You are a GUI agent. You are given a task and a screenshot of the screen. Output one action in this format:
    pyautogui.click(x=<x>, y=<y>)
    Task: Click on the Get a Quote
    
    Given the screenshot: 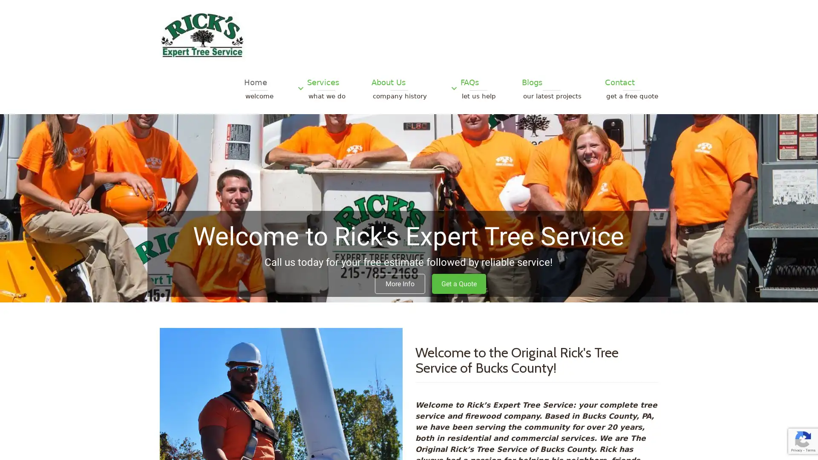 What is the action you would take?
    pyautogui.click(x=458, y=284)
    